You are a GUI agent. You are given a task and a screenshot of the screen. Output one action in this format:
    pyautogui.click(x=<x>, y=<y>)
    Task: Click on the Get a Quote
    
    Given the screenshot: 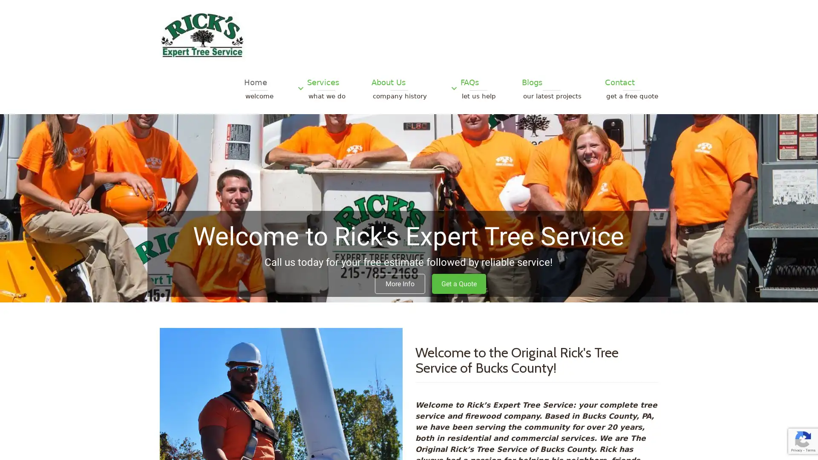 What is the action you would take?
    pyautogui.click(x=458, y=284)
    